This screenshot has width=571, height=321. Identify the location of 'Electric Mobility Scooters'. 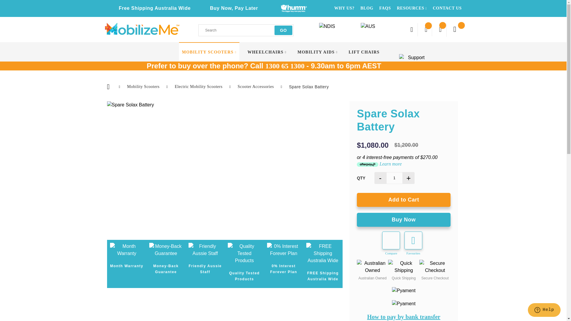
(199, 86).